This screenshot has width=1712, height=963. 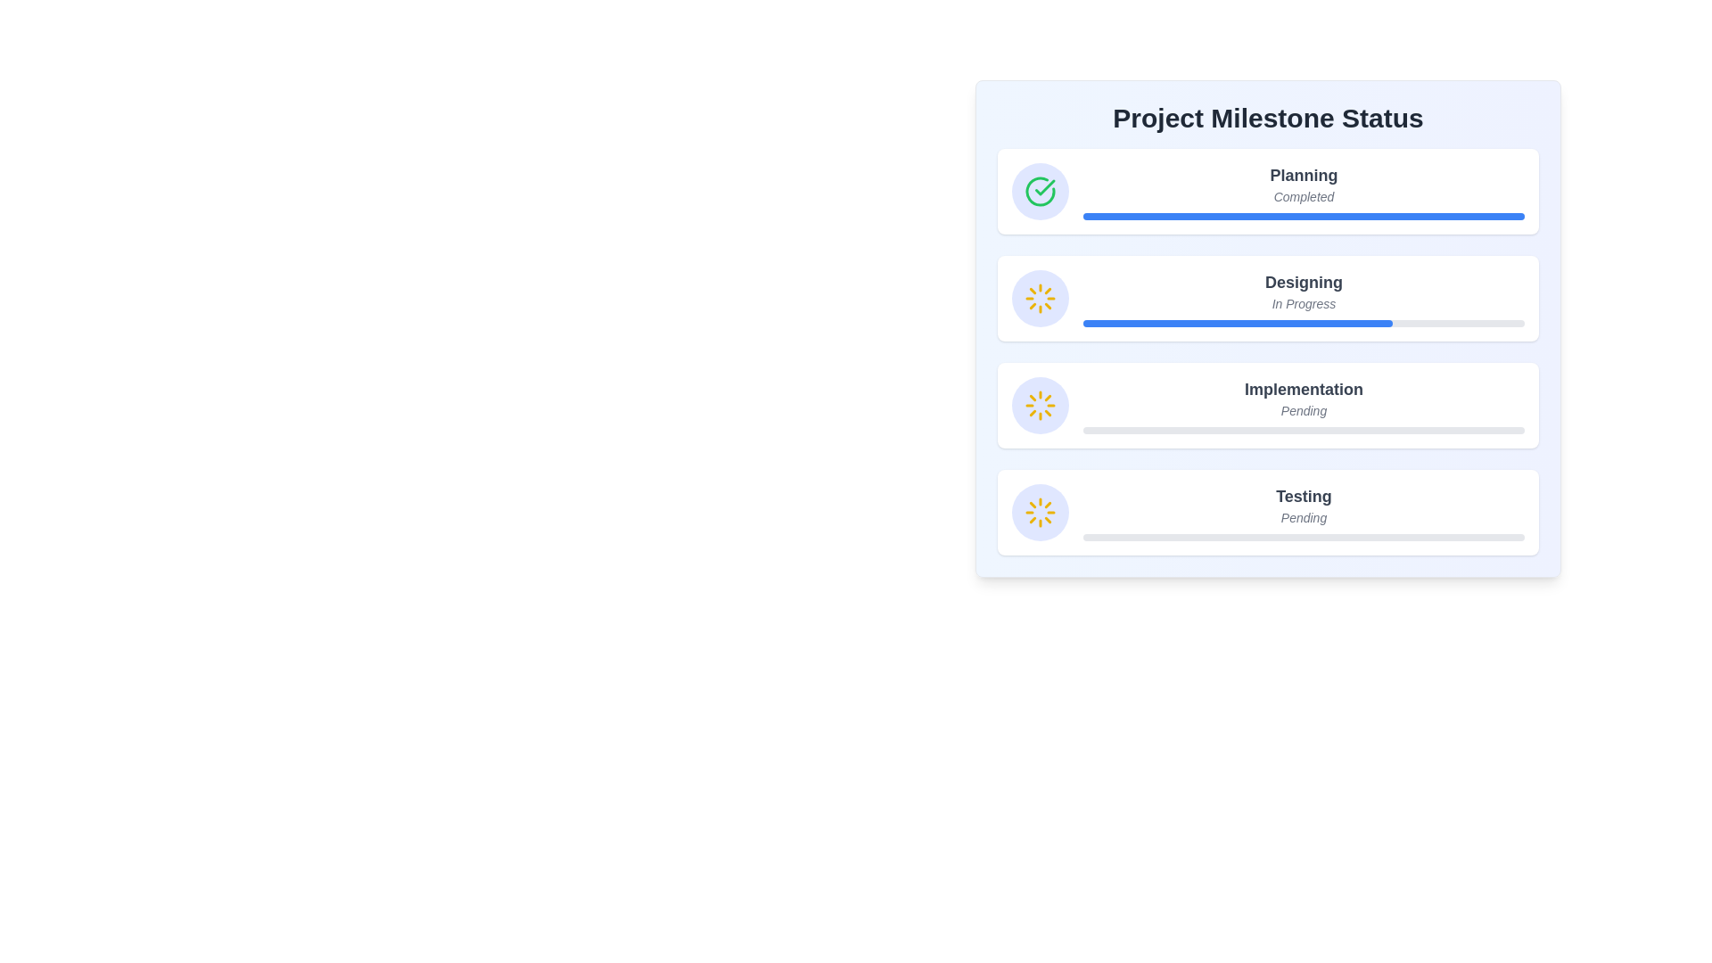 I want to click on the Loader icon that indicates the status of the 'Implementation' milestone, which is a circular icon located at the leftmost side of the third milestone row, so click(x=1040, y=406).